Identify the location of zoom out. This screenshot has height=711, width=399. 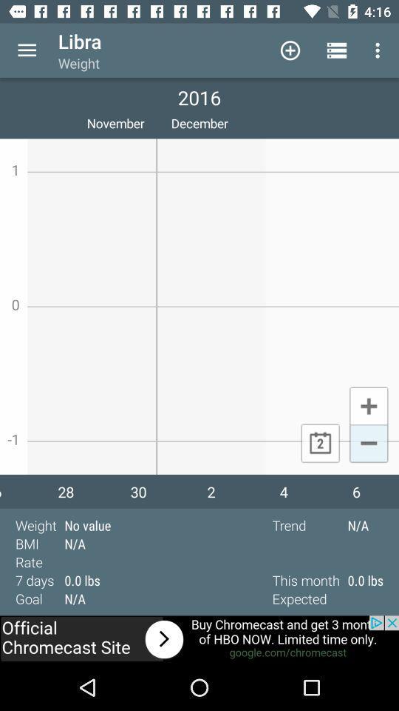
(368, 444).